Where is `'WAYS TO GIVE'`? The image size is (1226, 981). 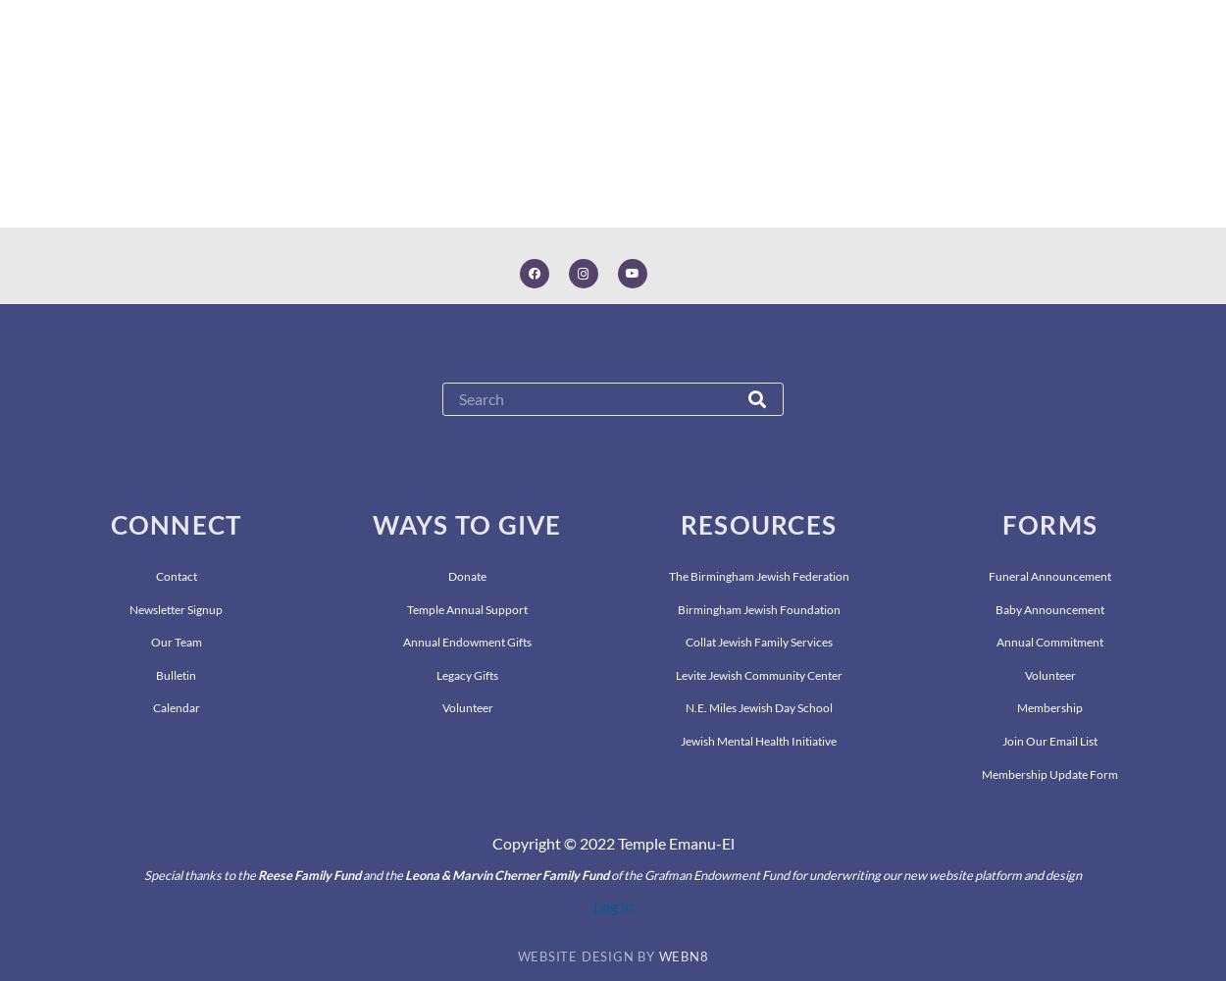
'WAYS TO GIVE' is located at coordinates (466, 525).